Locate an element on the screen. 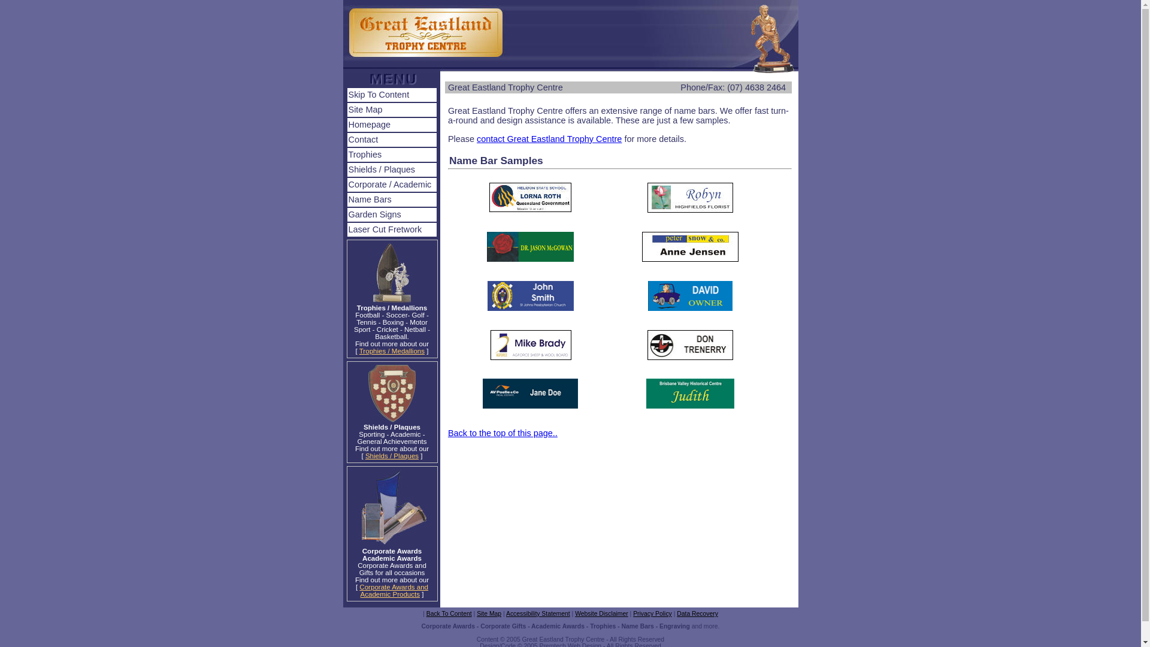 This screenshot has height=647, width=1150. 'Corporate / Academic' is located at coordinates (347, 185).